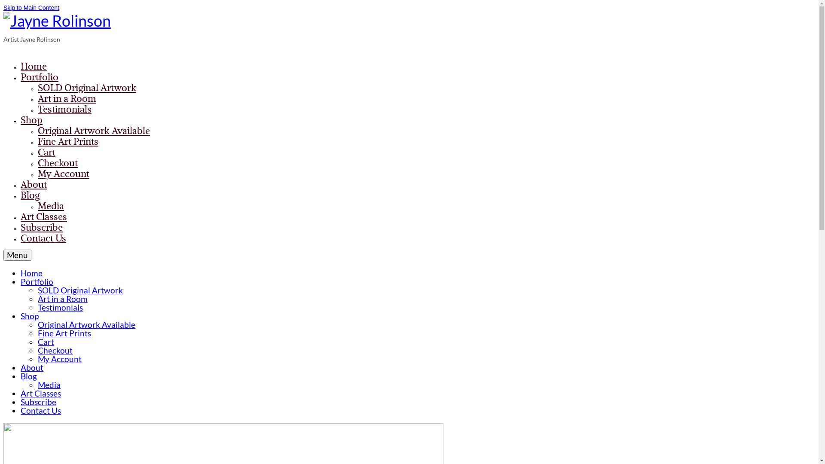 This screenshot has height=464, width=825. What do you see at coordinates (21, 273) in the screenshot?
I see `'Home'` at bounding box center [21, 273].